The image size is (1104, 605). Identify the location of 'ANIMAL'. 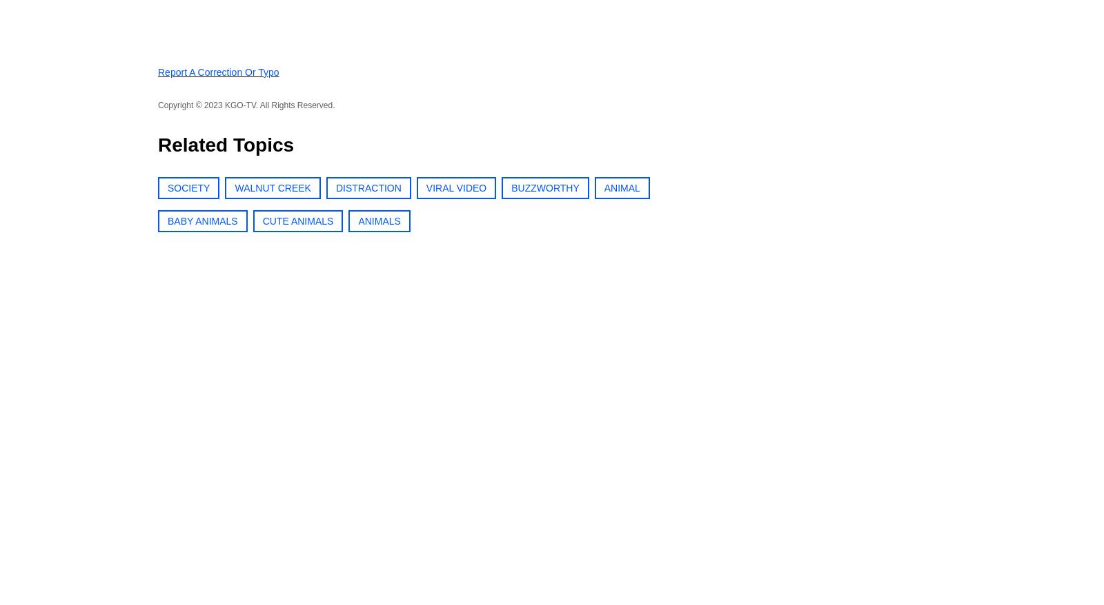
(620, 187).